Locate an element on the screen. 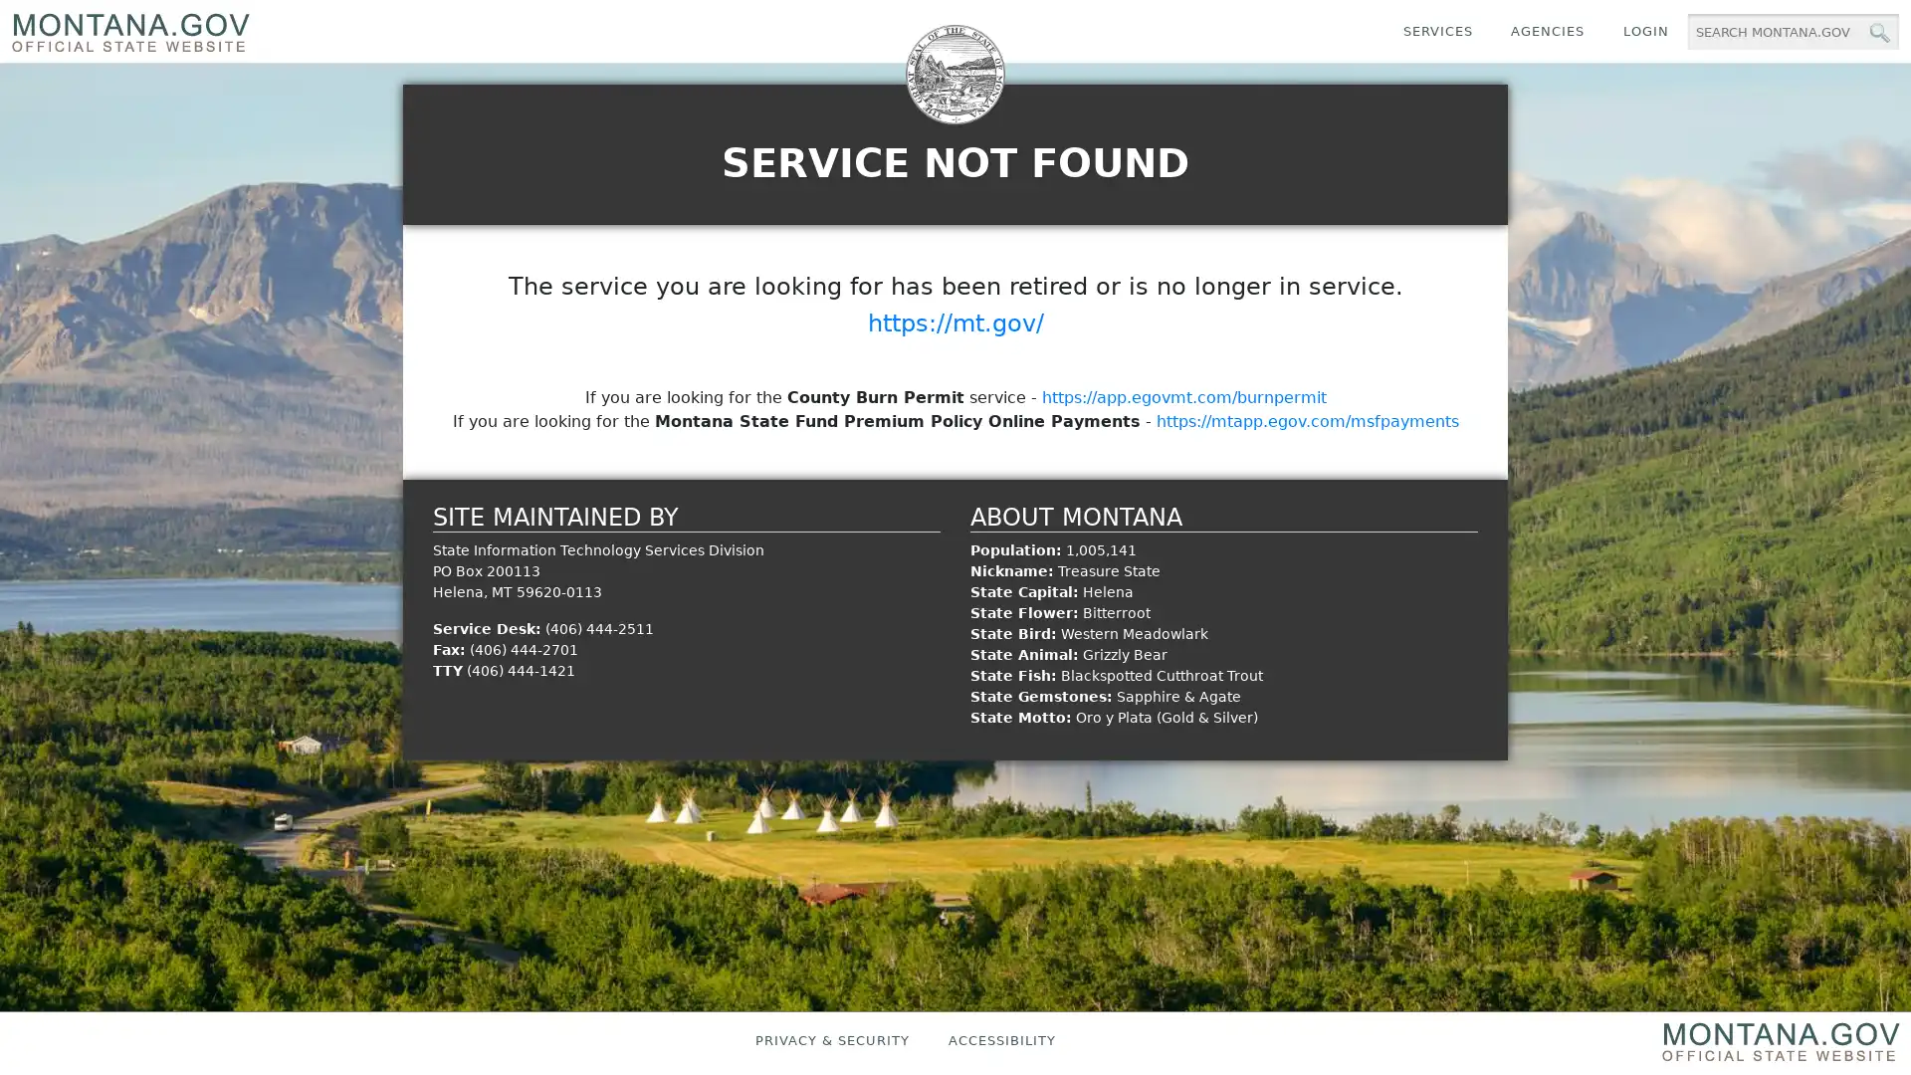  MT.gov Search Button is located at coordinates (1877, 33).